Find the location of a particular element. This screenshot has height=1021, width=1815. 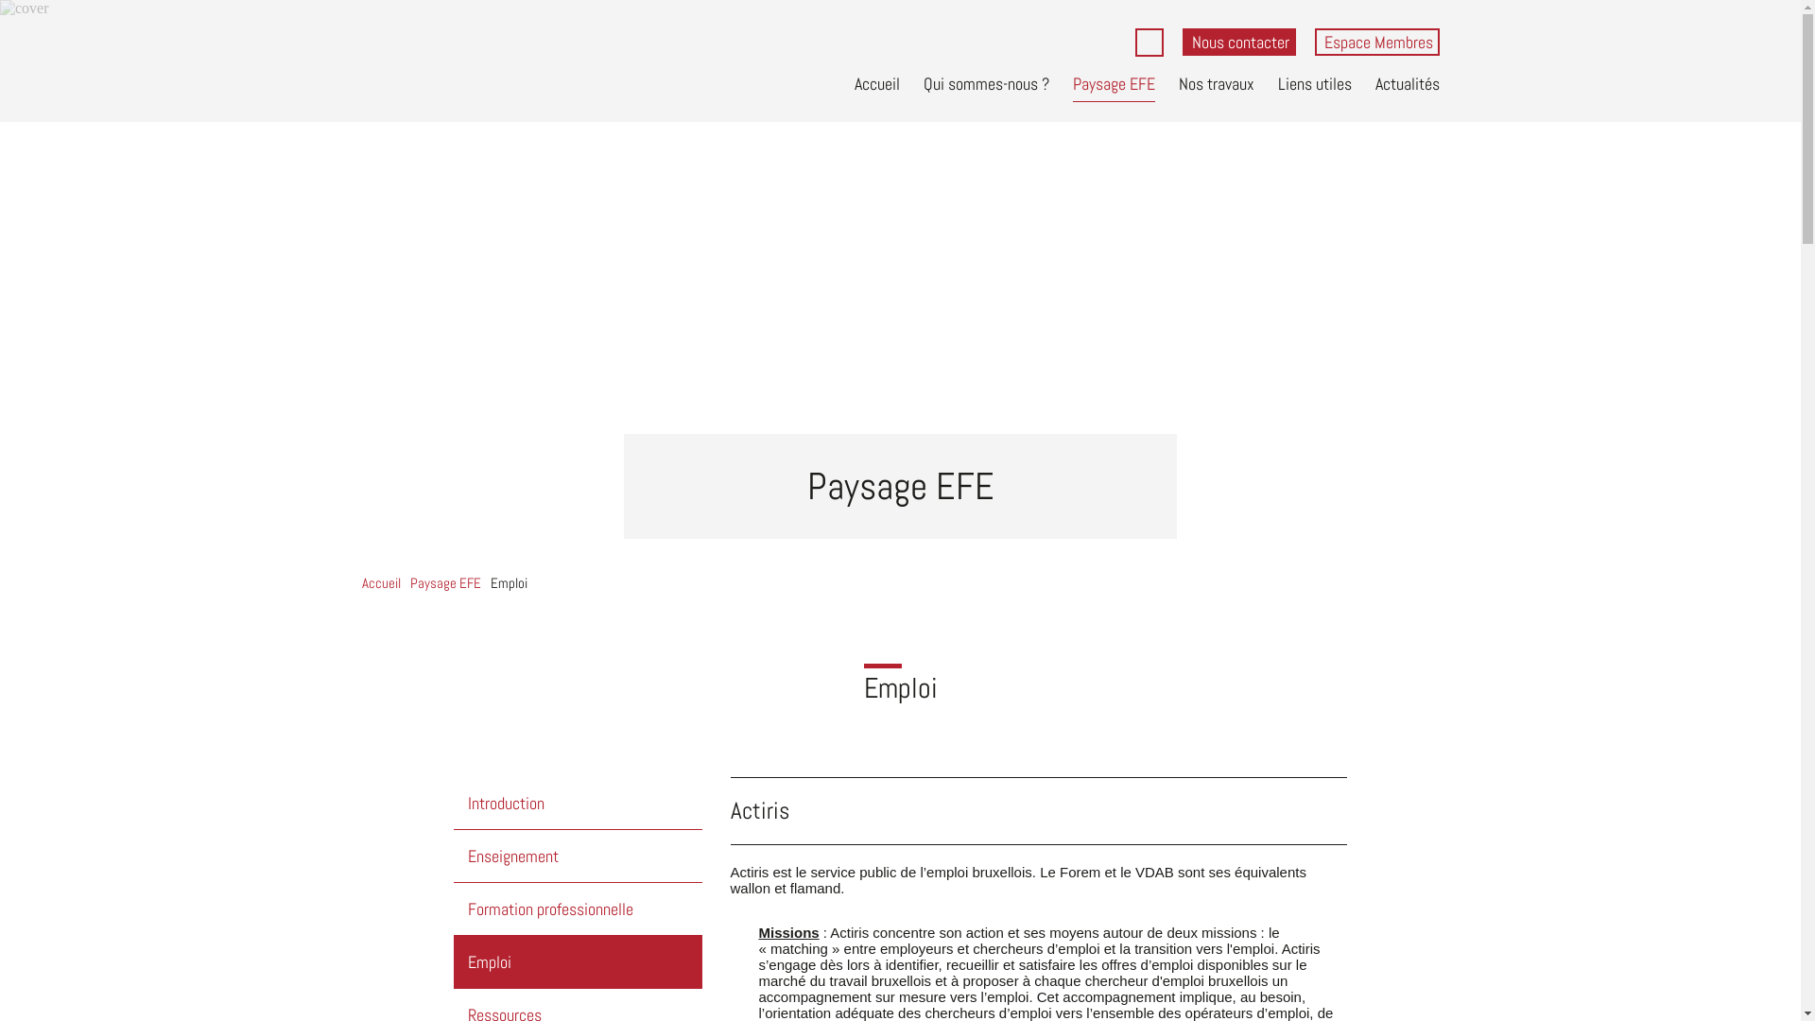

'Emploi' is located at coordinates (577, 962).